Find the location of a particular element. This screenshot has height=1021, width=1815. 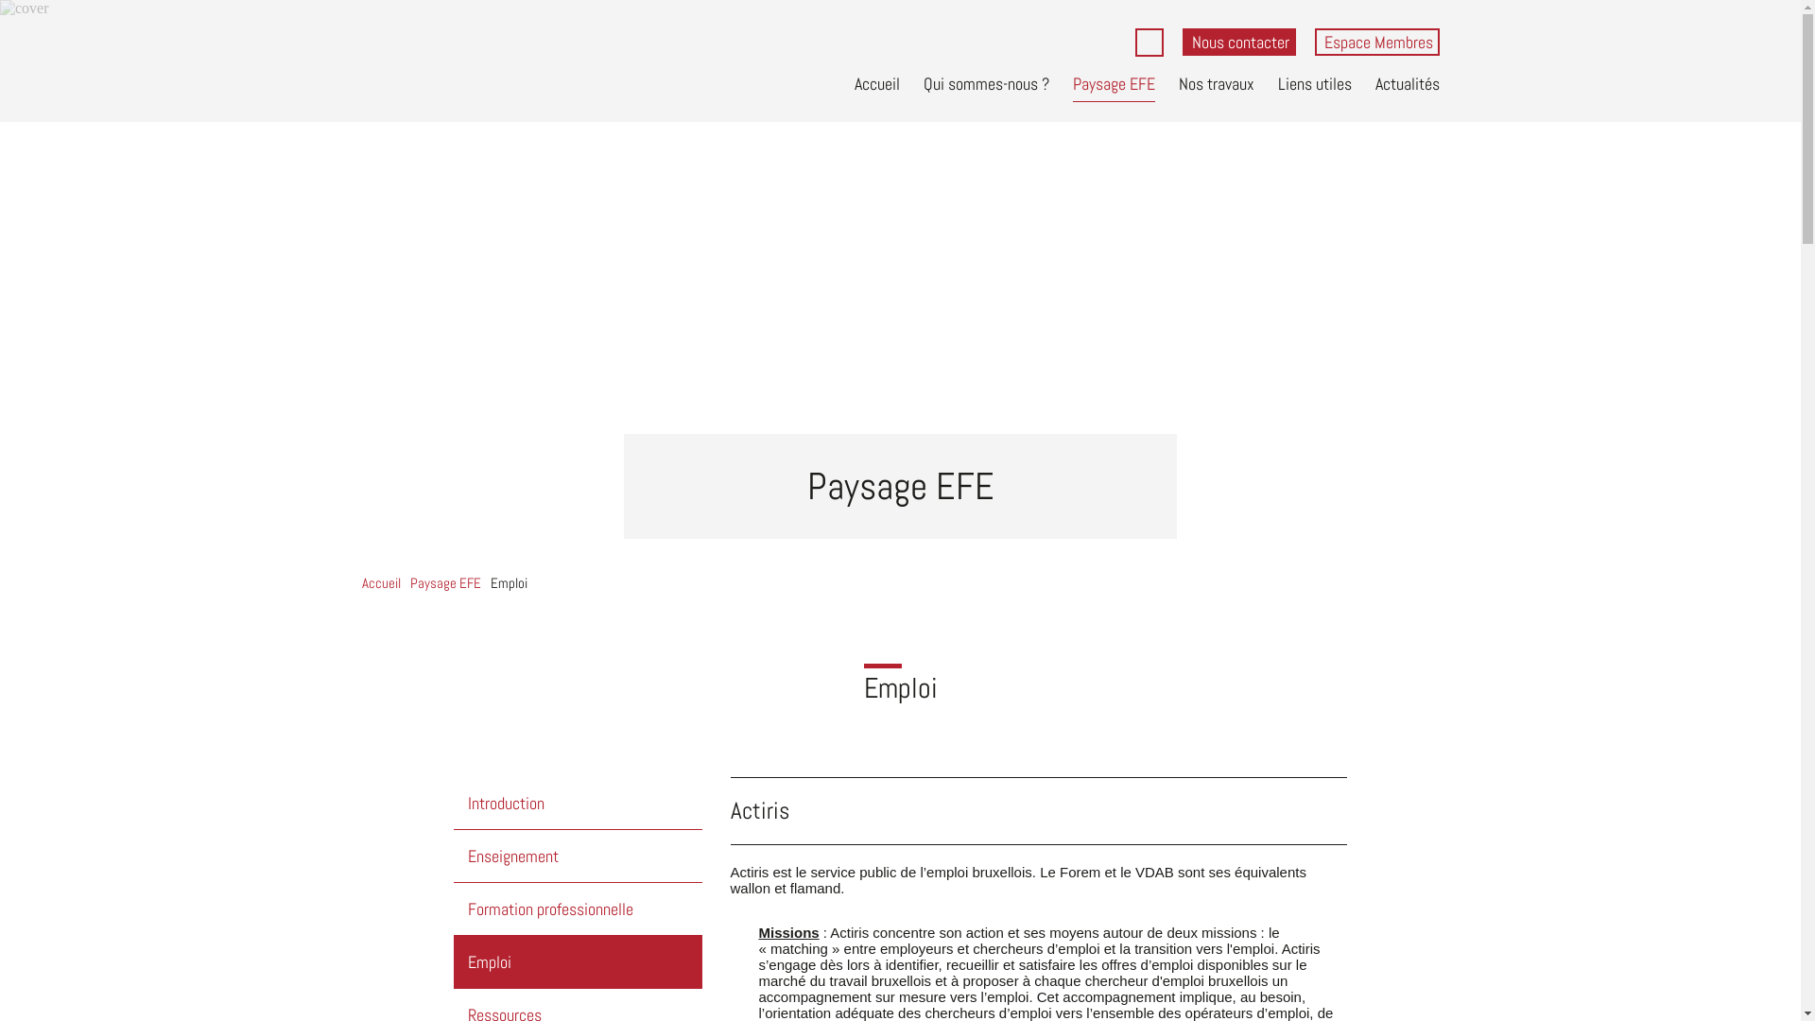

'Emploi' is located at coordinates (577, 962).